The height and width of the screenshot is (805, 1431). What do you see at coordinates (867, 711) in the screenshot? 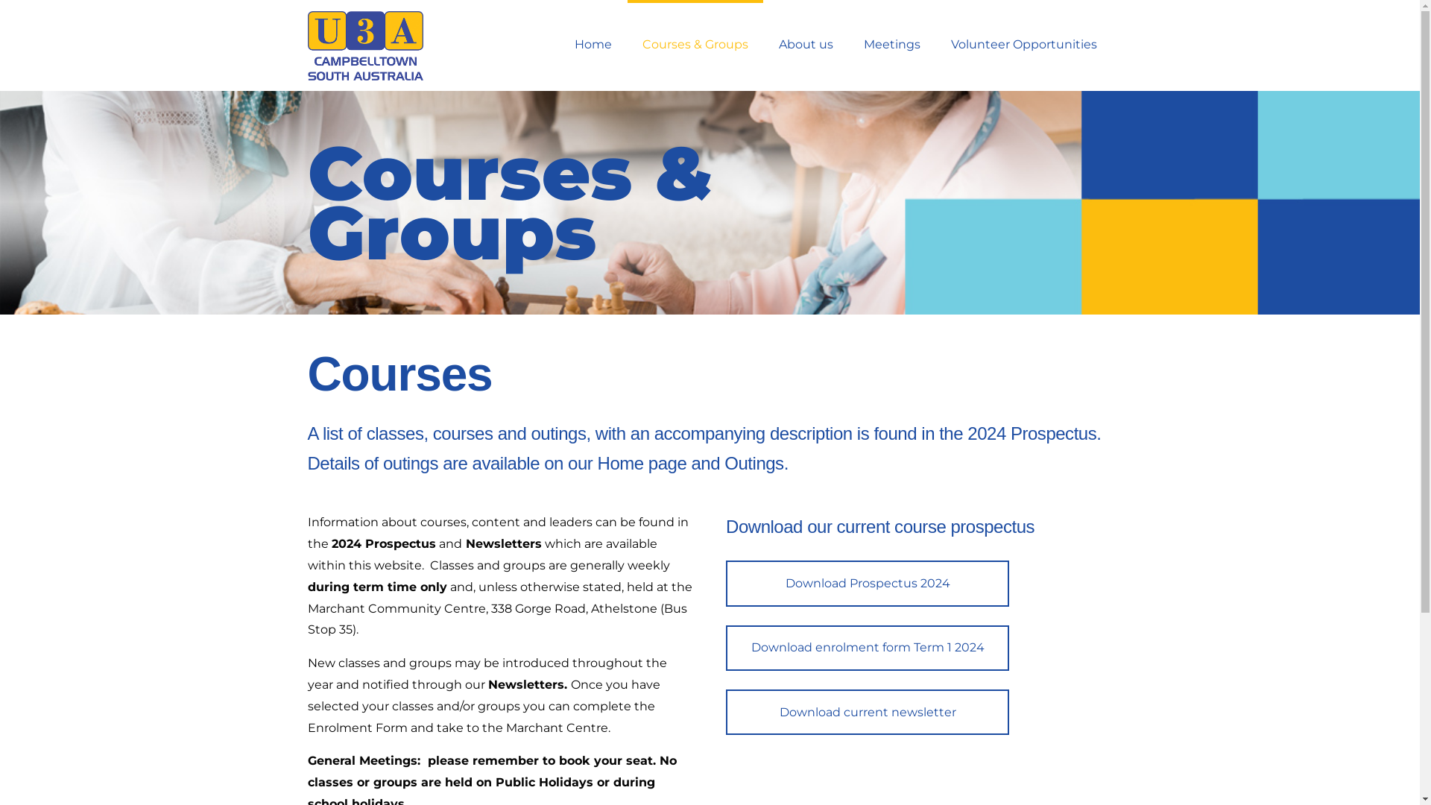
I see `'Download current newsletter'` at bounding box center [867, 711].